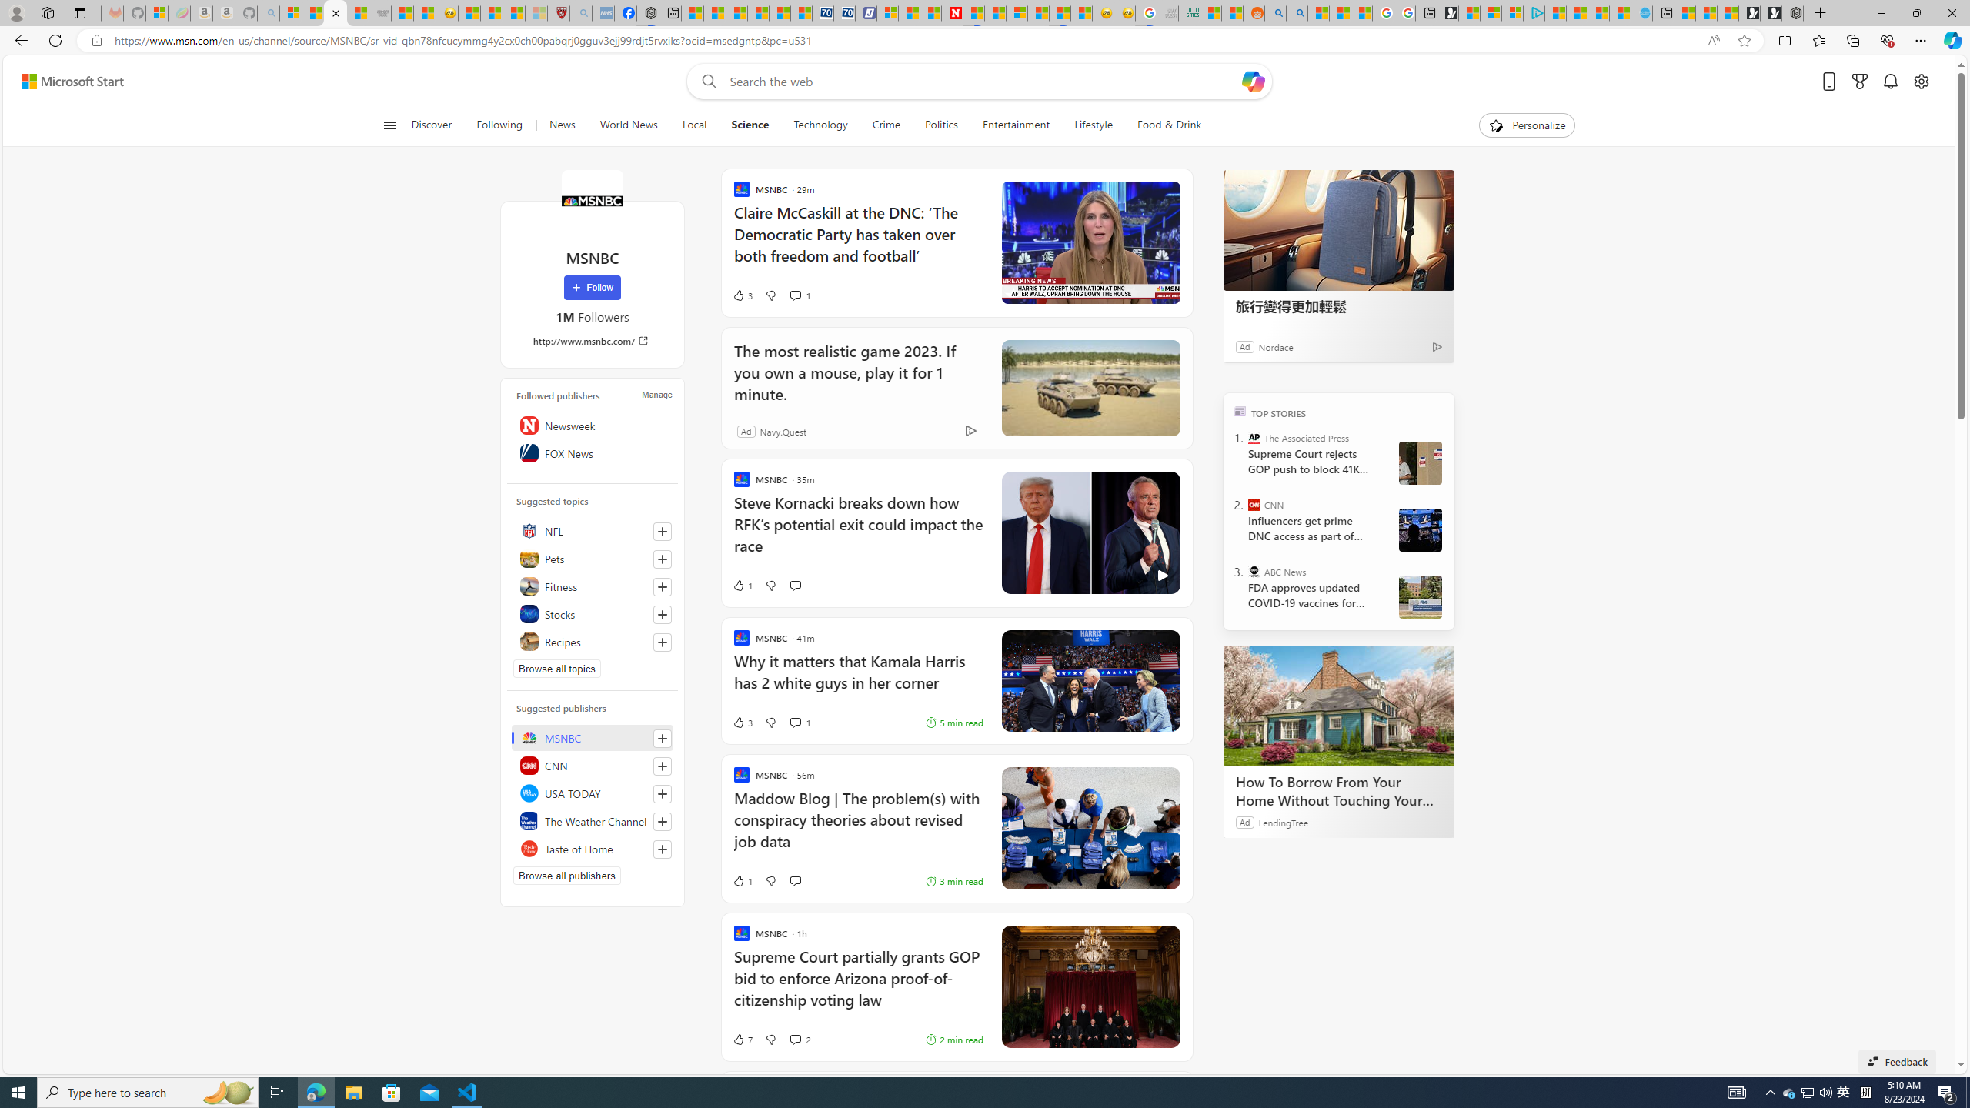 This screenshot has height=1108, width=1970. I want to click on 'TOP', so click(1240, 409).